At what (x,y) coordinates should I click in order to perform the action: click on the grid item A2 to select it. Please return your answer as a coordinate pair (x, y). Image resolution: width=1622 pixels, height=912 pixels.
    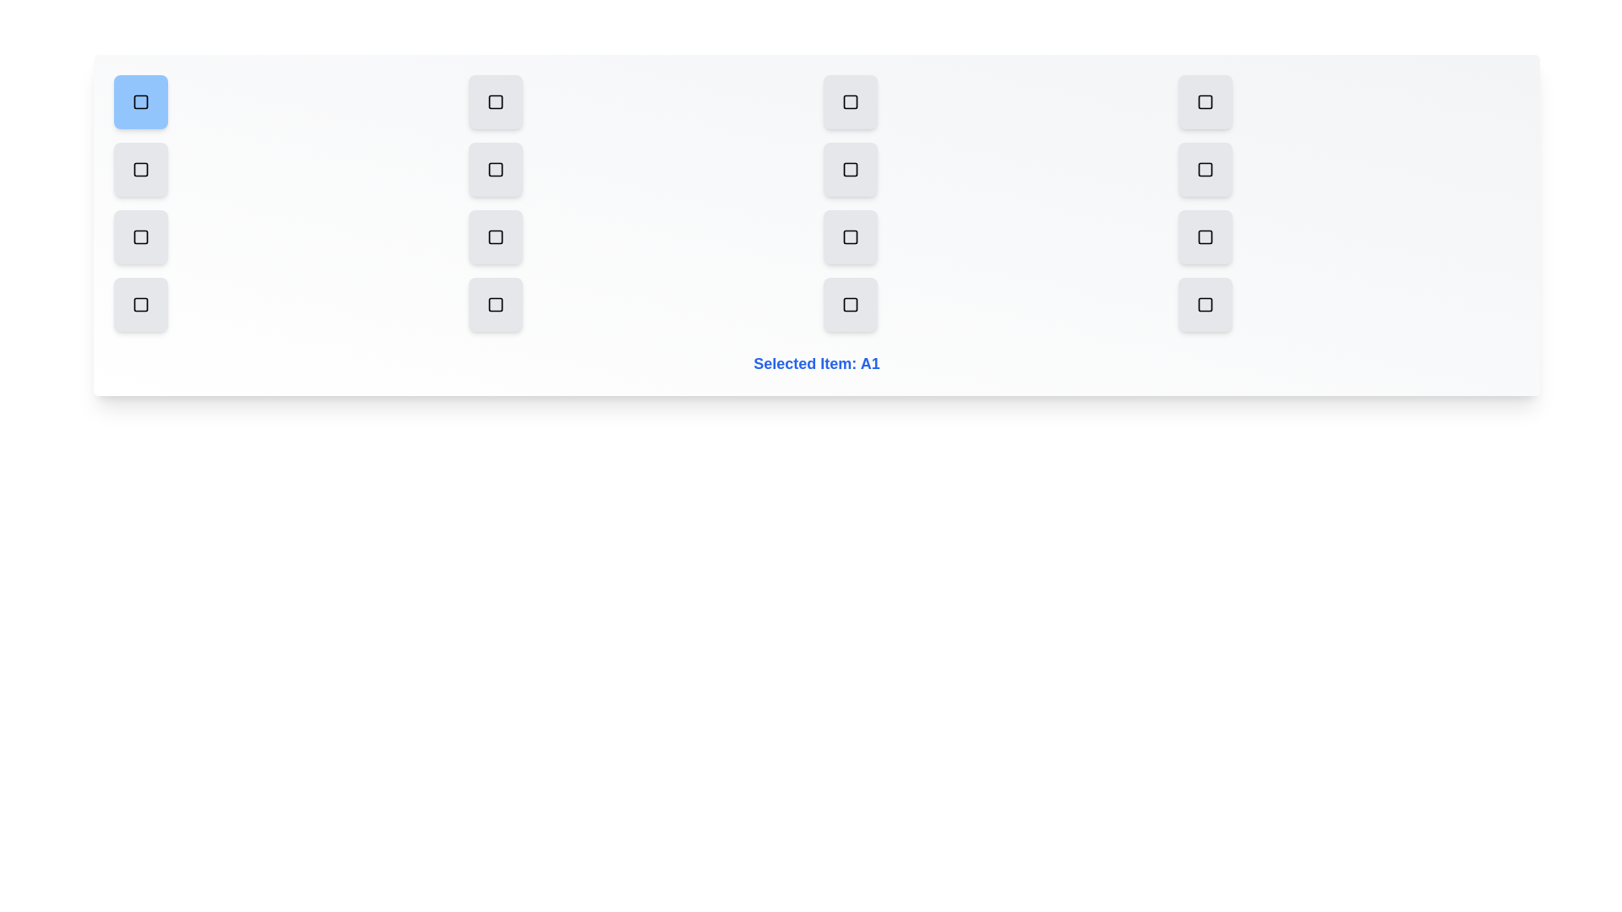
    Looking at the image, I should click on (494, 101).